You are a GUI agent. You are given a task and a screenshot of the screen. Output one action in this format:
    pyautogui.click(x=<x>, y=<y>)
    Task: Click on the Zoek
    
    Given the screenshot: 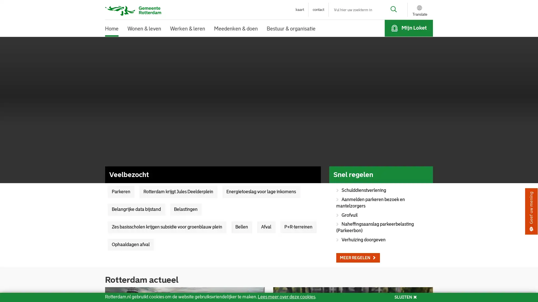 What is the action you would take?
    pyautogui.click(x=389, y=10)
    